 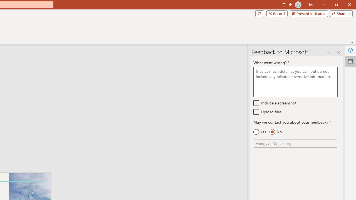 I want to click on 'Comments', so click(x=259, y=13).